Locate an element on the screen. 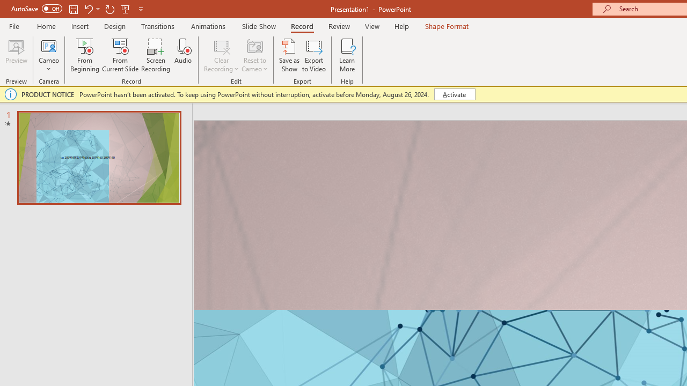  'Activate' is located at coordinates (455, 94).